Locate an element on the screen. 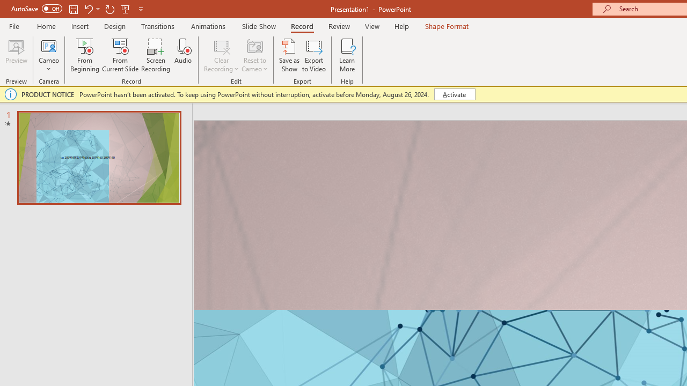  'Activate' is located at coordinates (455, 94).